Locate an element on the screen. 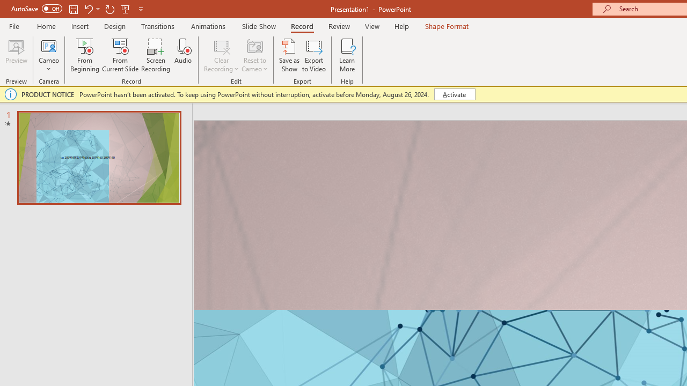  'Activate' is located at coordinates (455, 94).